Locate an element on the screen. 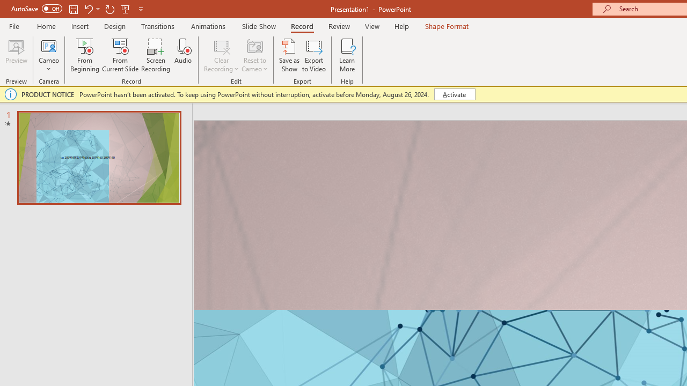  'Activate' is located at coordinates (455, 94).